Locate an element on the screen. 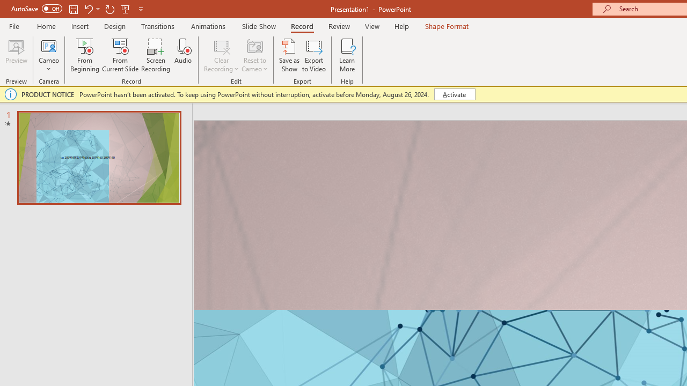  'Activate' is located at coordinates (455, 94).